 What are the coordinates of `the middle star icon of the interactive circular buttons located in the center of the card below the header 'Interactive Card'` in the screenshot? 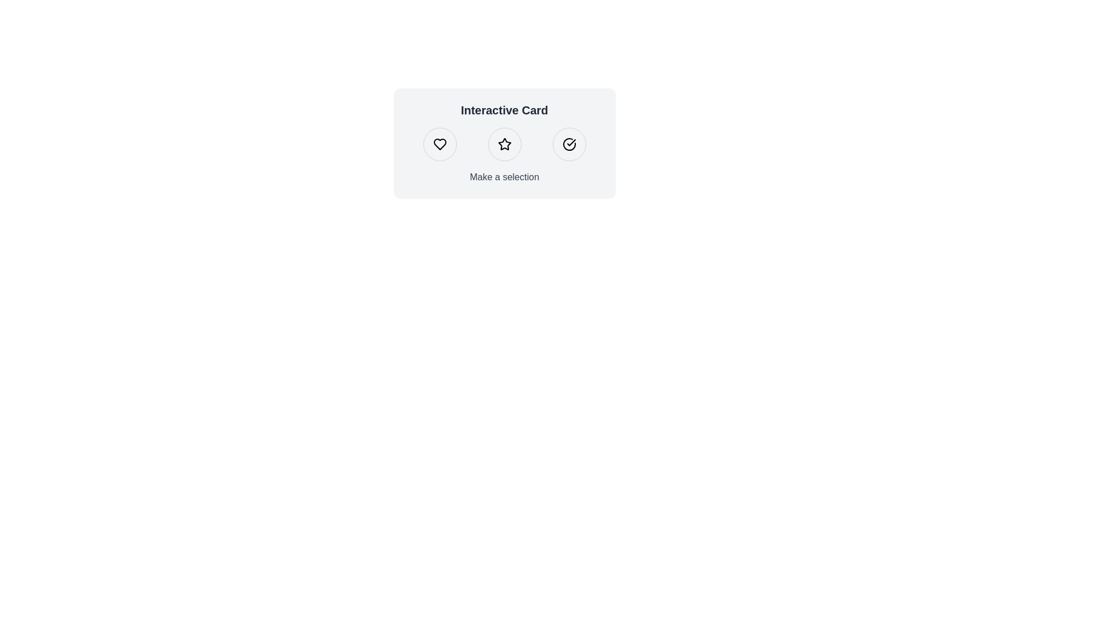 It's located at (504, 144).